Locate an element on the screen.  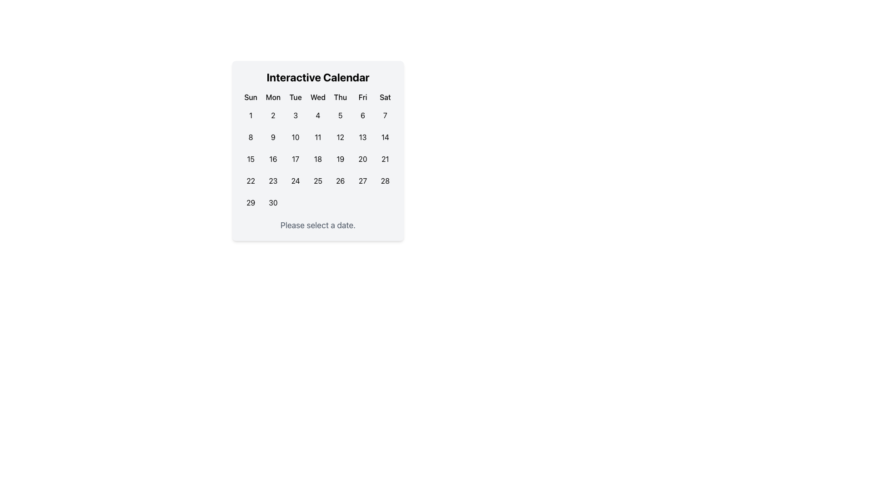
the Interactive date element representing the 29th day in the calendar grid to observe the color change is located at coordinates (251, 202).